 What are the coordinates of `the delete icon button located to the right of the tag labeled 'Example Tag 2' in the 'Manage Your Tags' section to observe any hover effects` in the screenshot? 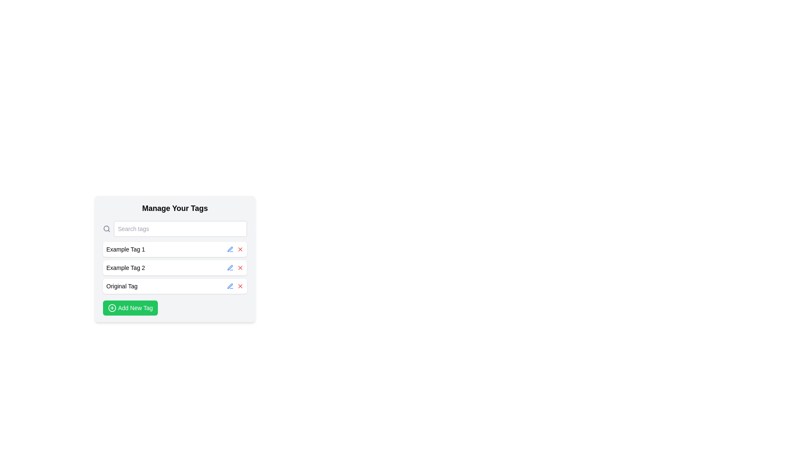 It's located at (240, 268).